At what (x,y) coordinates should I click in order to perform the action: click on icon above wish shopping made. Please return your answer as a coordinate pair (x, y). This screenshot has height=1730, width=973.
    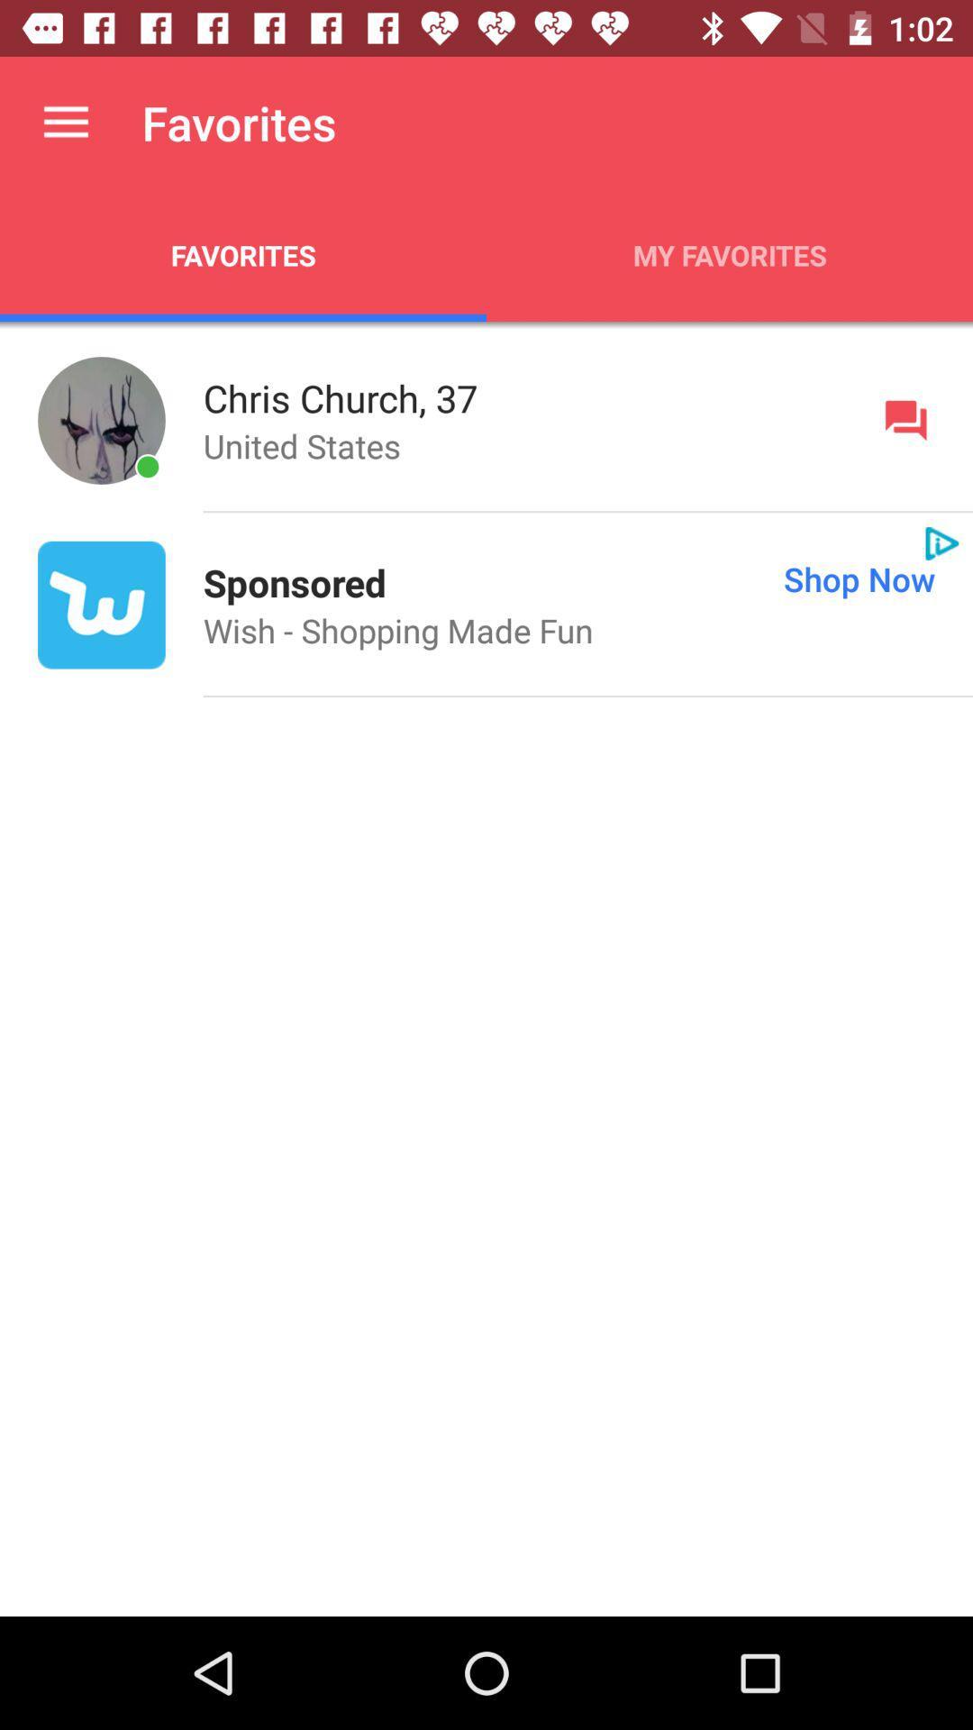
    Looking at the image, I should click on (679, 578).